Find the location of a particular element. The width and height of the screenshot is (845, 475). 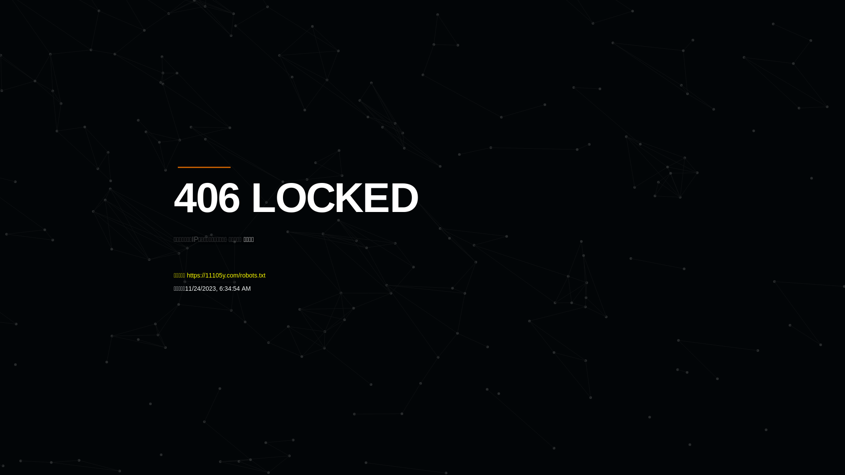

'Quatro' is located at coordinates (239, 50).